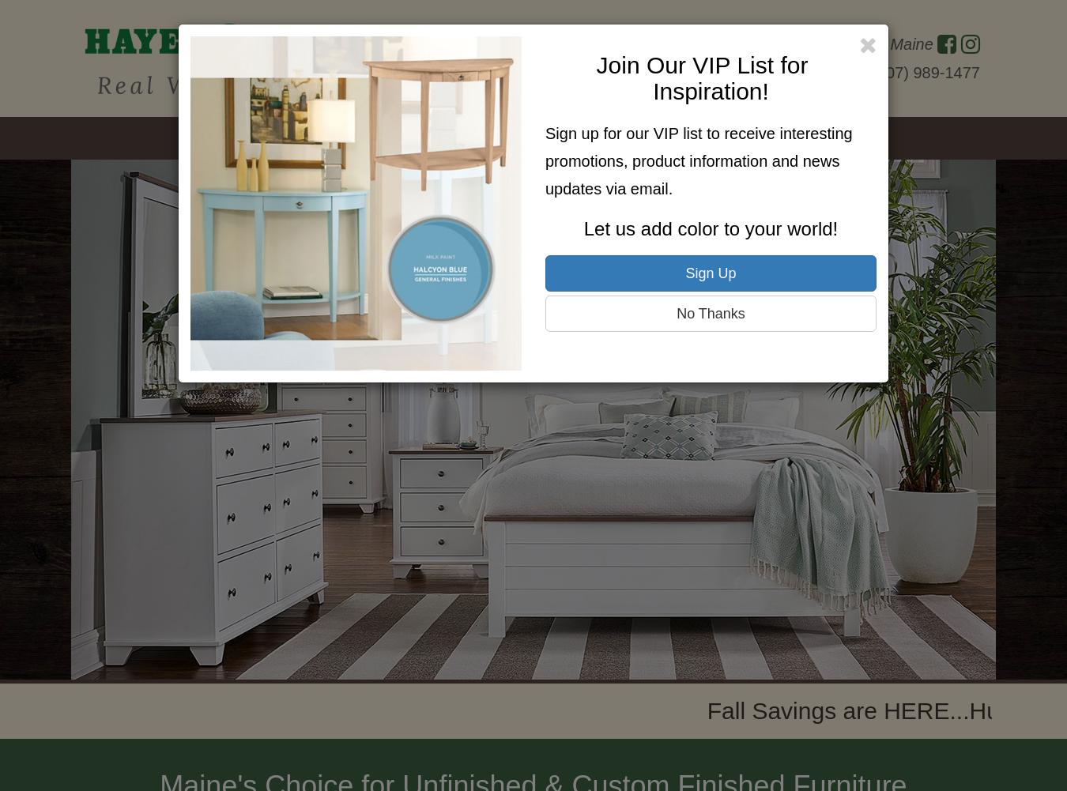 This screenshot has width=1067, height=791. What do you see at coordinates (221, 138) in the screenshot?
I see `'Home'` at bounding box center [221, 138].